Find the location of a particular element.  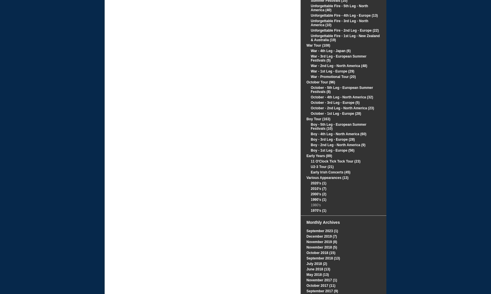

'War - 4th Leg - Japan (6)' is located at coordinates (310, 51).